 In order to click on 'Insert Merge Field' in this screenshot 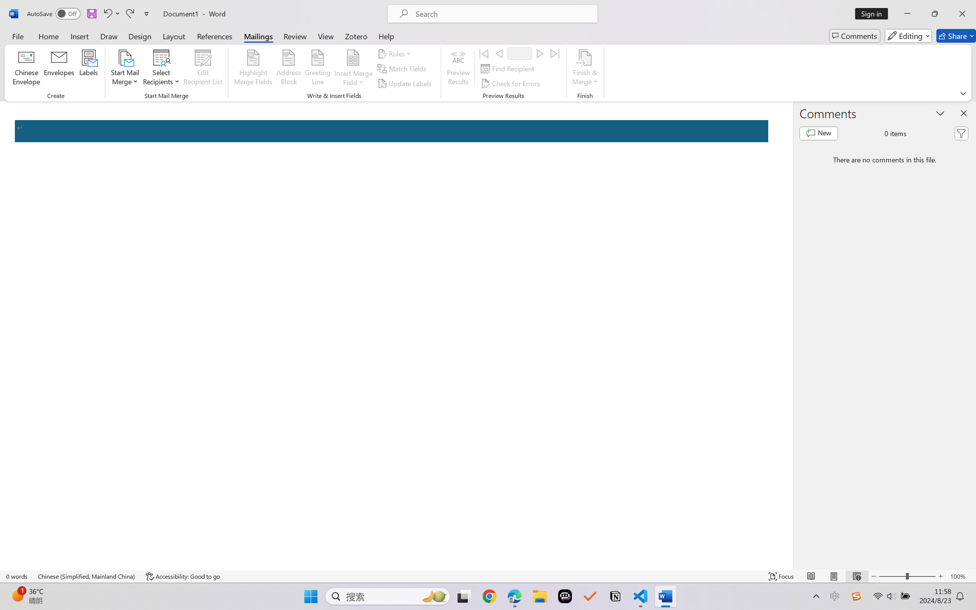, I will do `click(353, 58)`.